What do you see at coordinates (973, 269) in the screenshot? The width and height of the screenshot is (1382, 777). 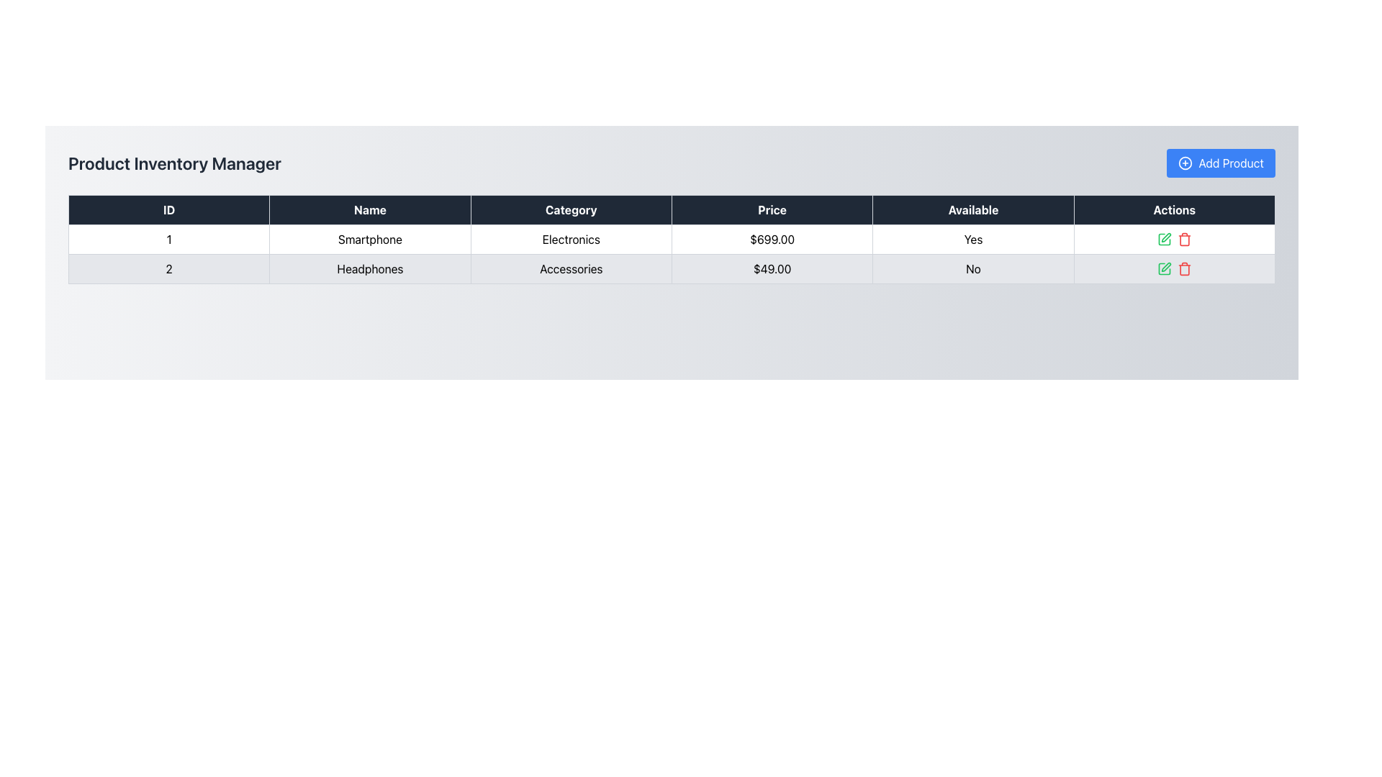 I see `the 'No' text label indicating the availability status of the product 'Headphones' in the 'Available' column of the second row of the table` at bounding box center [973, 269].